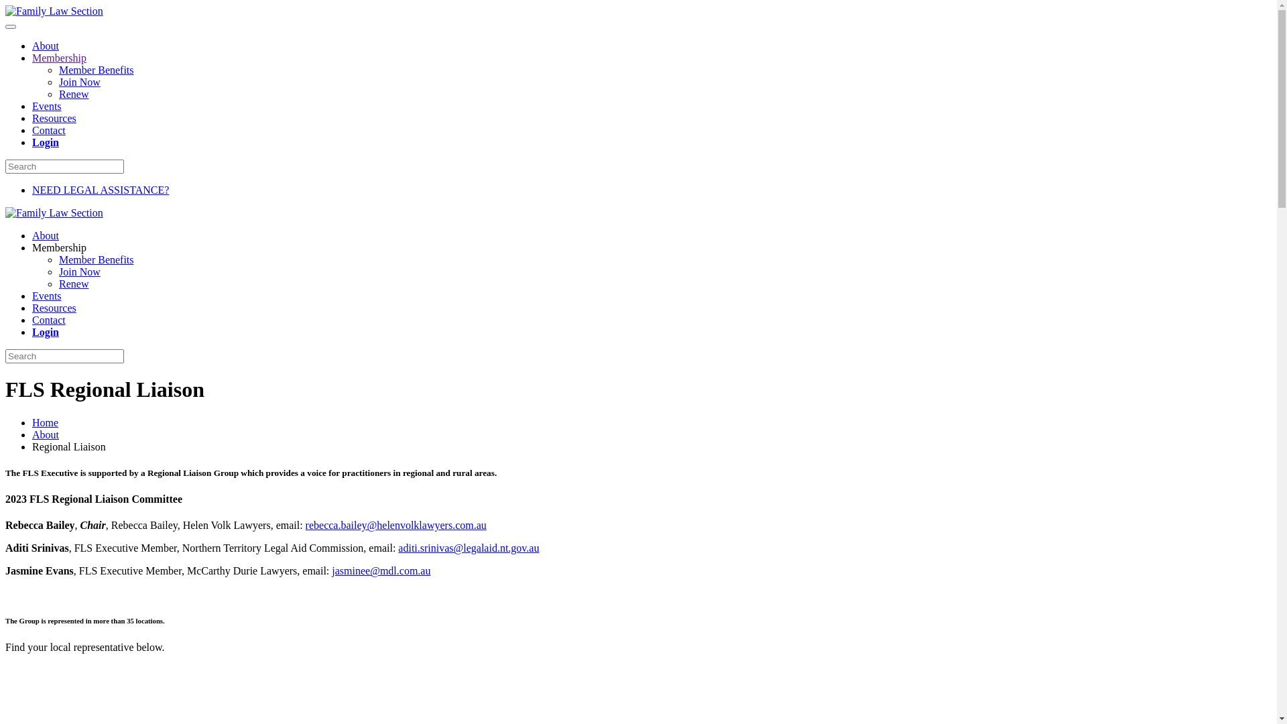 The width and height of the screenshot is (1287, 724). I want to click on 'rebecca.bailey@helenvolklawyers.com.au', so click(305, 524).